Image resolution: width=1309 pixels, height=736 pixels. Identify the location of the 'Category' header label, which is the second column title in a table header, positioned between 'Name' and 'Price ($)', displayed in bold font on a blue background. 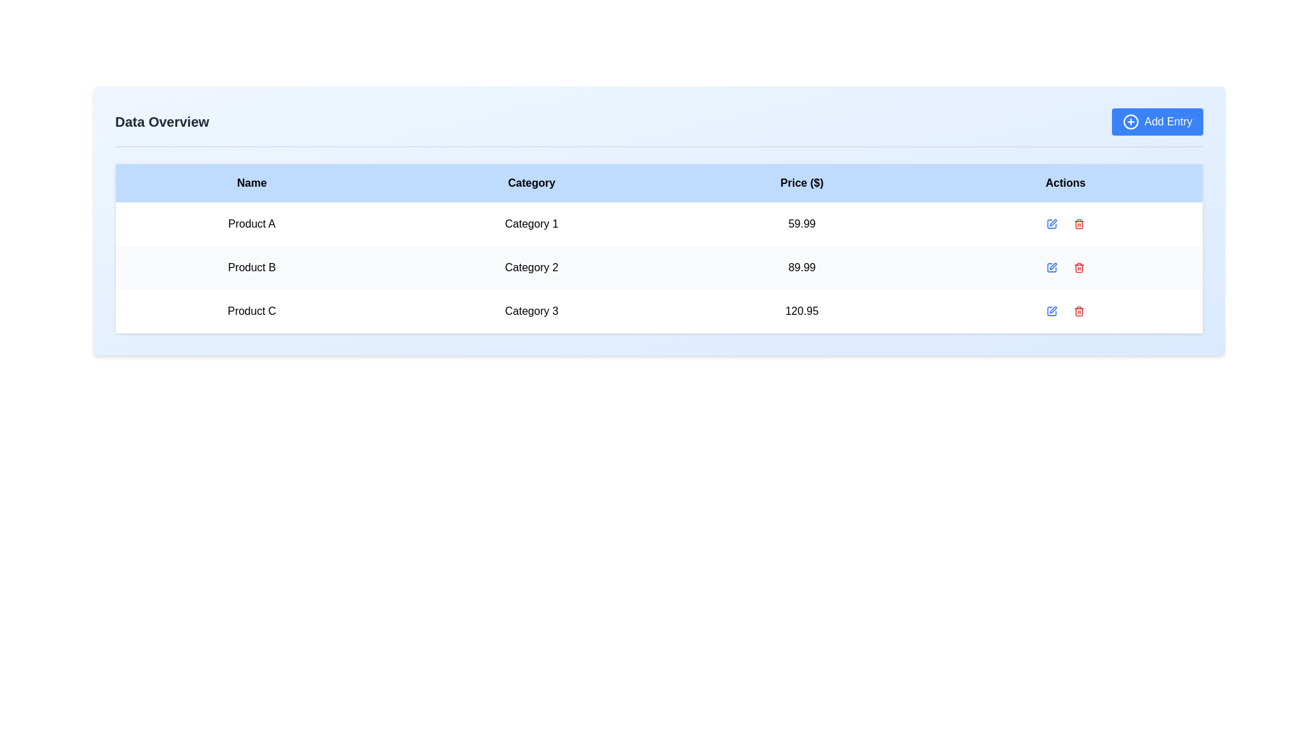
(530, 182).